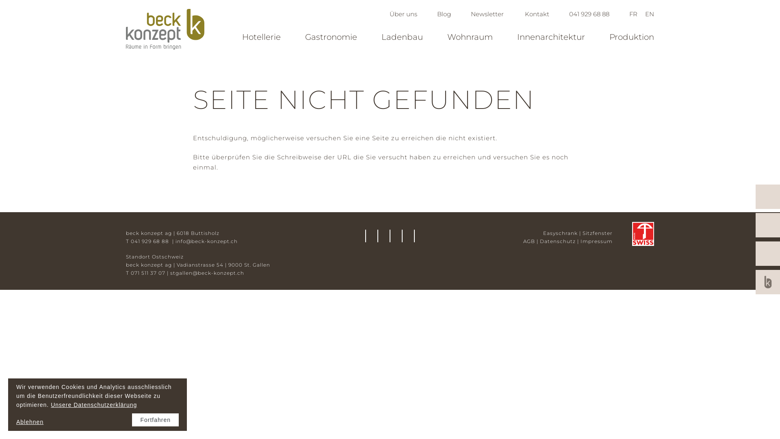 This screenshot has height=439, width=780. What do you see at coordinates (402, 37) in the screenshot?
I see `'Ladenbau'` at bounding box center [402, 37].